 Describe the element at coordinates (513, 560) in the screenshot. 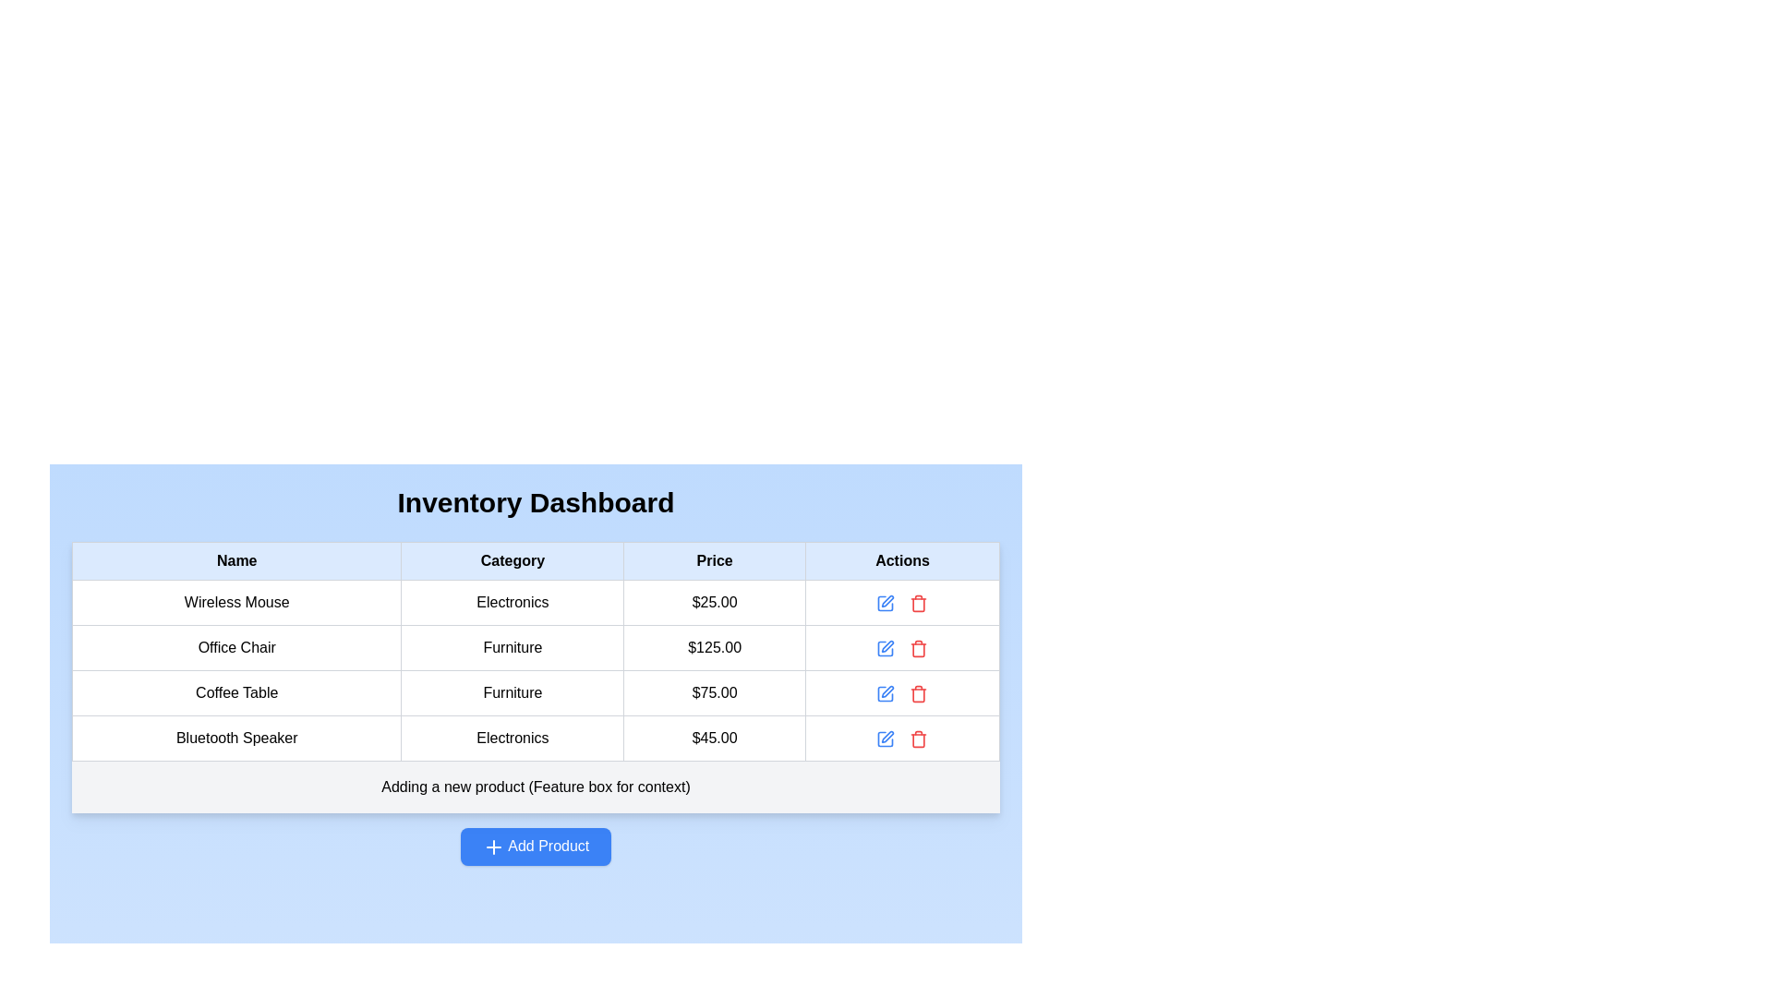

I see `the 'Category' header cell in the table, which is the second header cell from the left, providing labeling information for the data below` at that location.